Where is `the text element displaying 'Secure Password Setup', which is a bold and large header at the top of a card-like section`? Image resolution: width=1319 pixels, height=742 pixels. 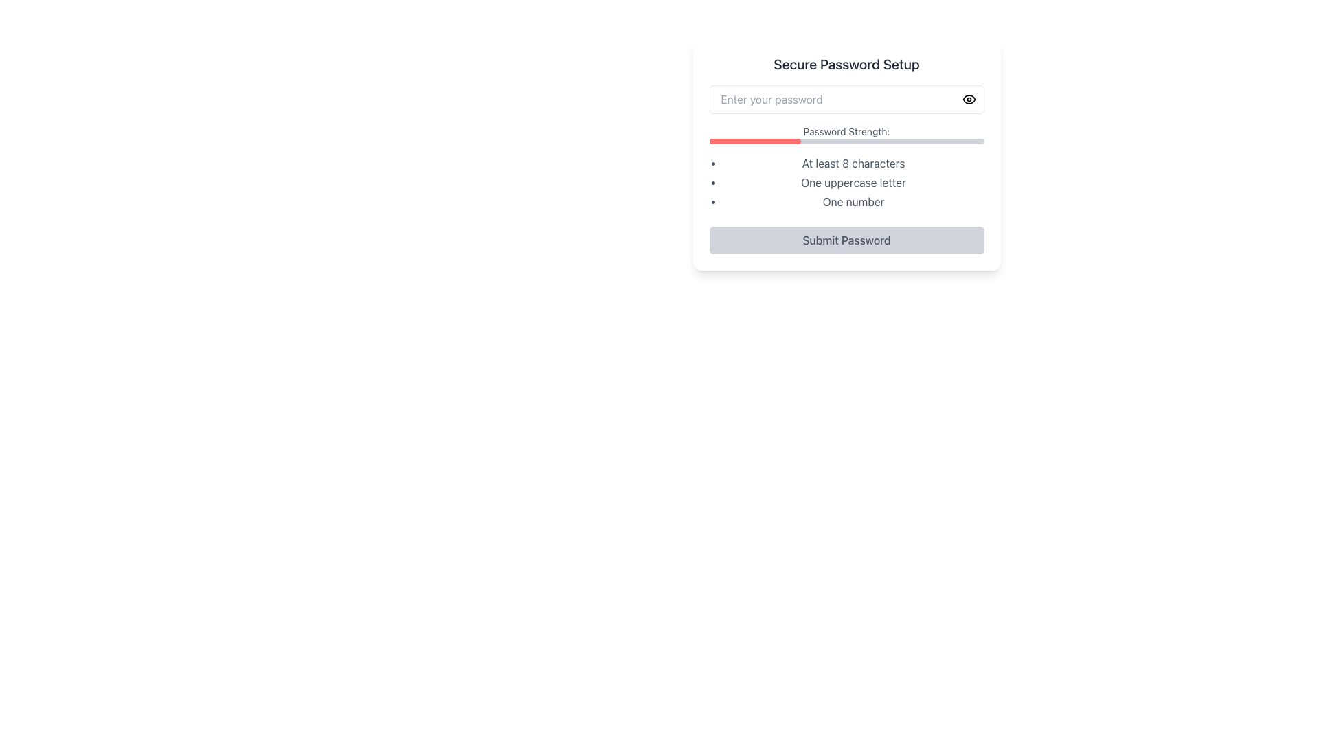 the text element displaying 'Secure Password Setup', which is a bold and large header at the top of a card-like section is located at coordinates (846, 64).